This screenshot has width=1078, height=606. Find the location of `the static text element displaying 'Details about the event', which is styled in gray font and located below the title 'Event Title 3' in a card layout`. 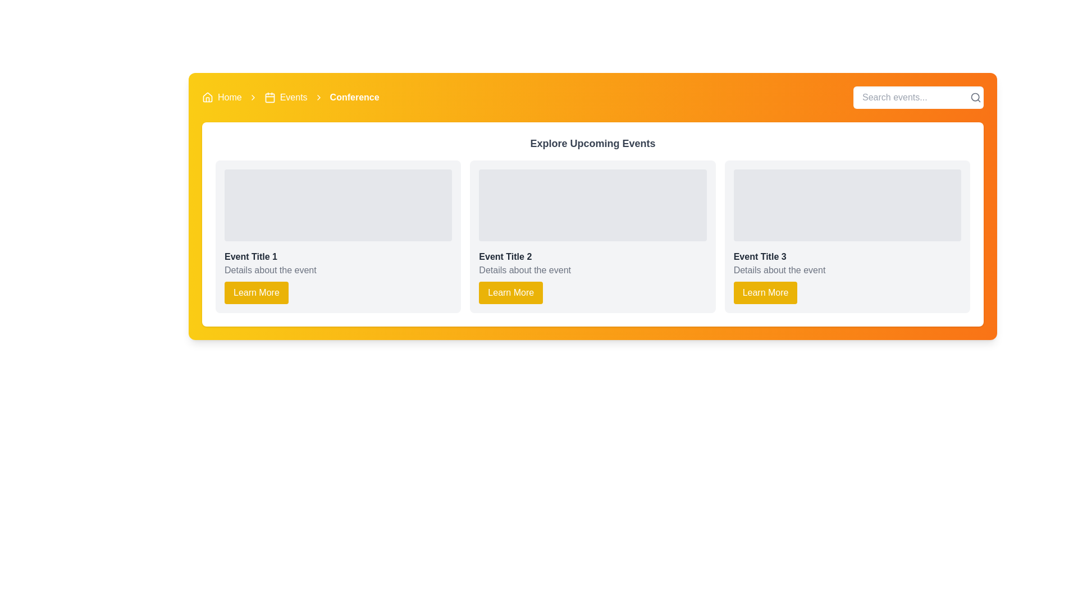

the static text element displaying 'Details about the event', which is styled in gray font and located below the title 'Event Title 3' in a card layout is located at coordinates (779, 270).